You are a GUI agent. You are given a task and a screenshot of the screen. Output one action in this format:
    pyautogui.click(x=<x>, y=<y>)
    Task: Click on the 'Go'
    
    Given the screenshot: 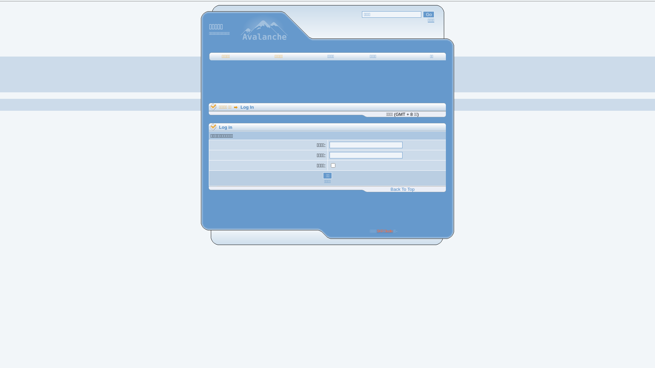 What is the action you would take?
    pyautogui.click(x=428, y=14)
    